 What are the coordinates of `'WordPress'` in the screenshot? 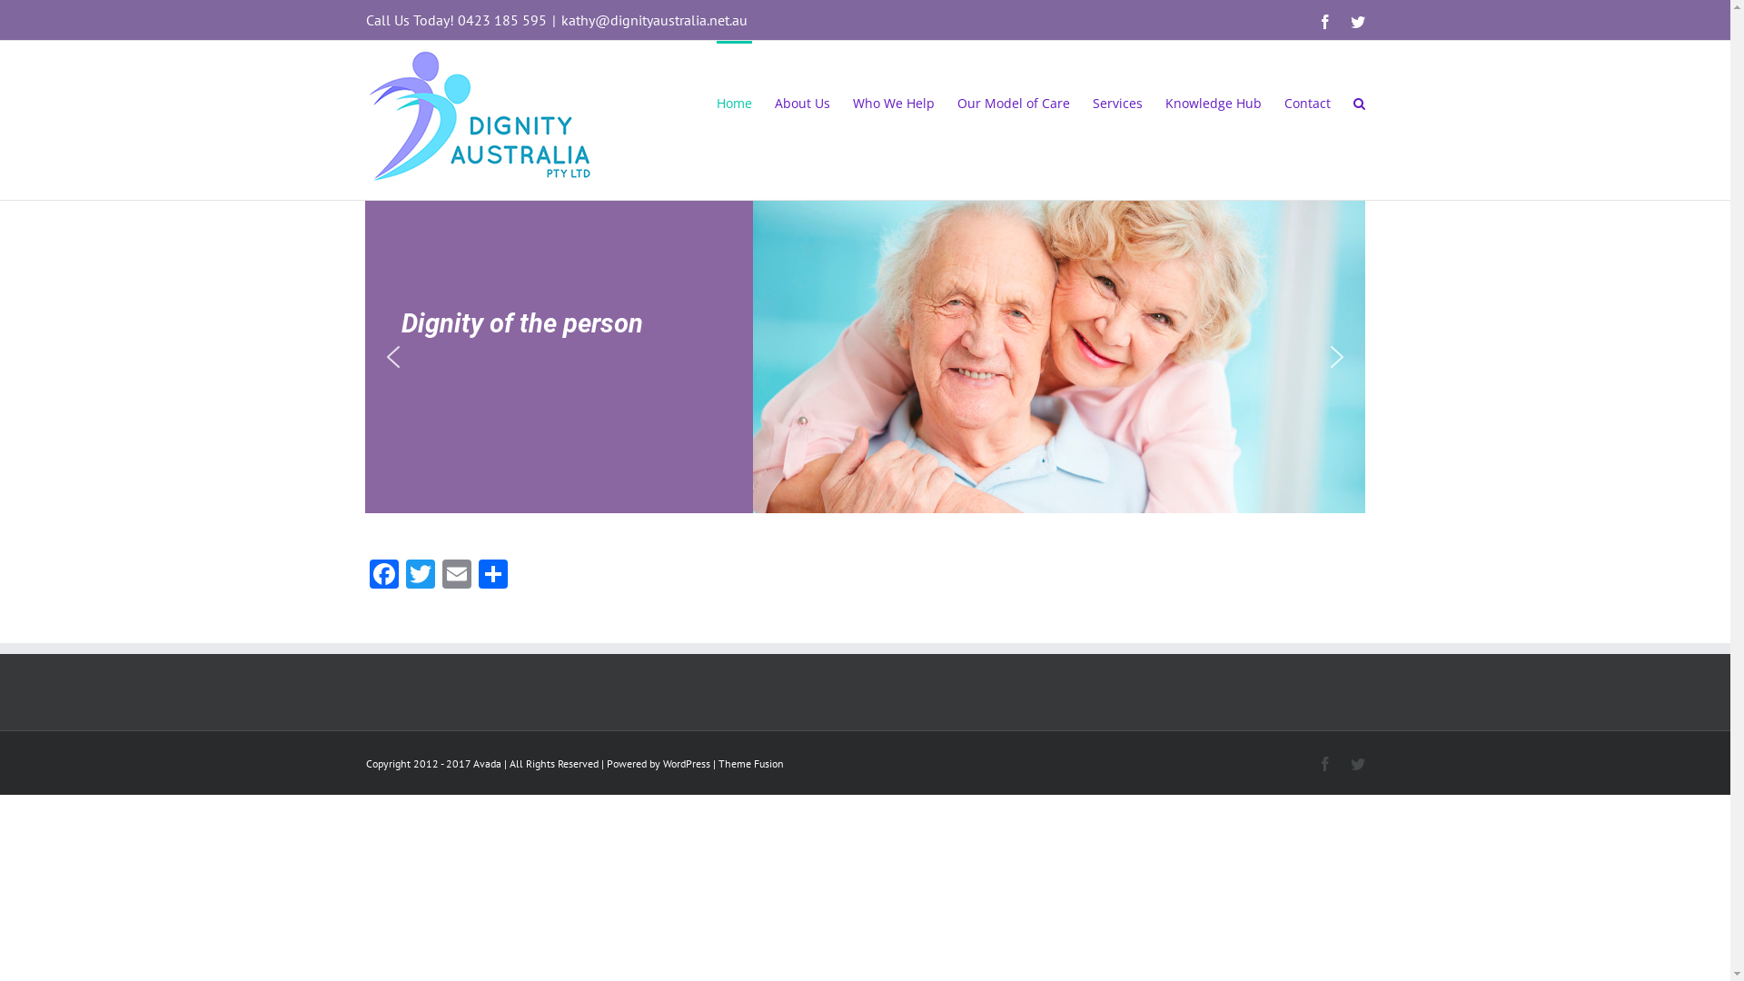 It's located at (661, 763).